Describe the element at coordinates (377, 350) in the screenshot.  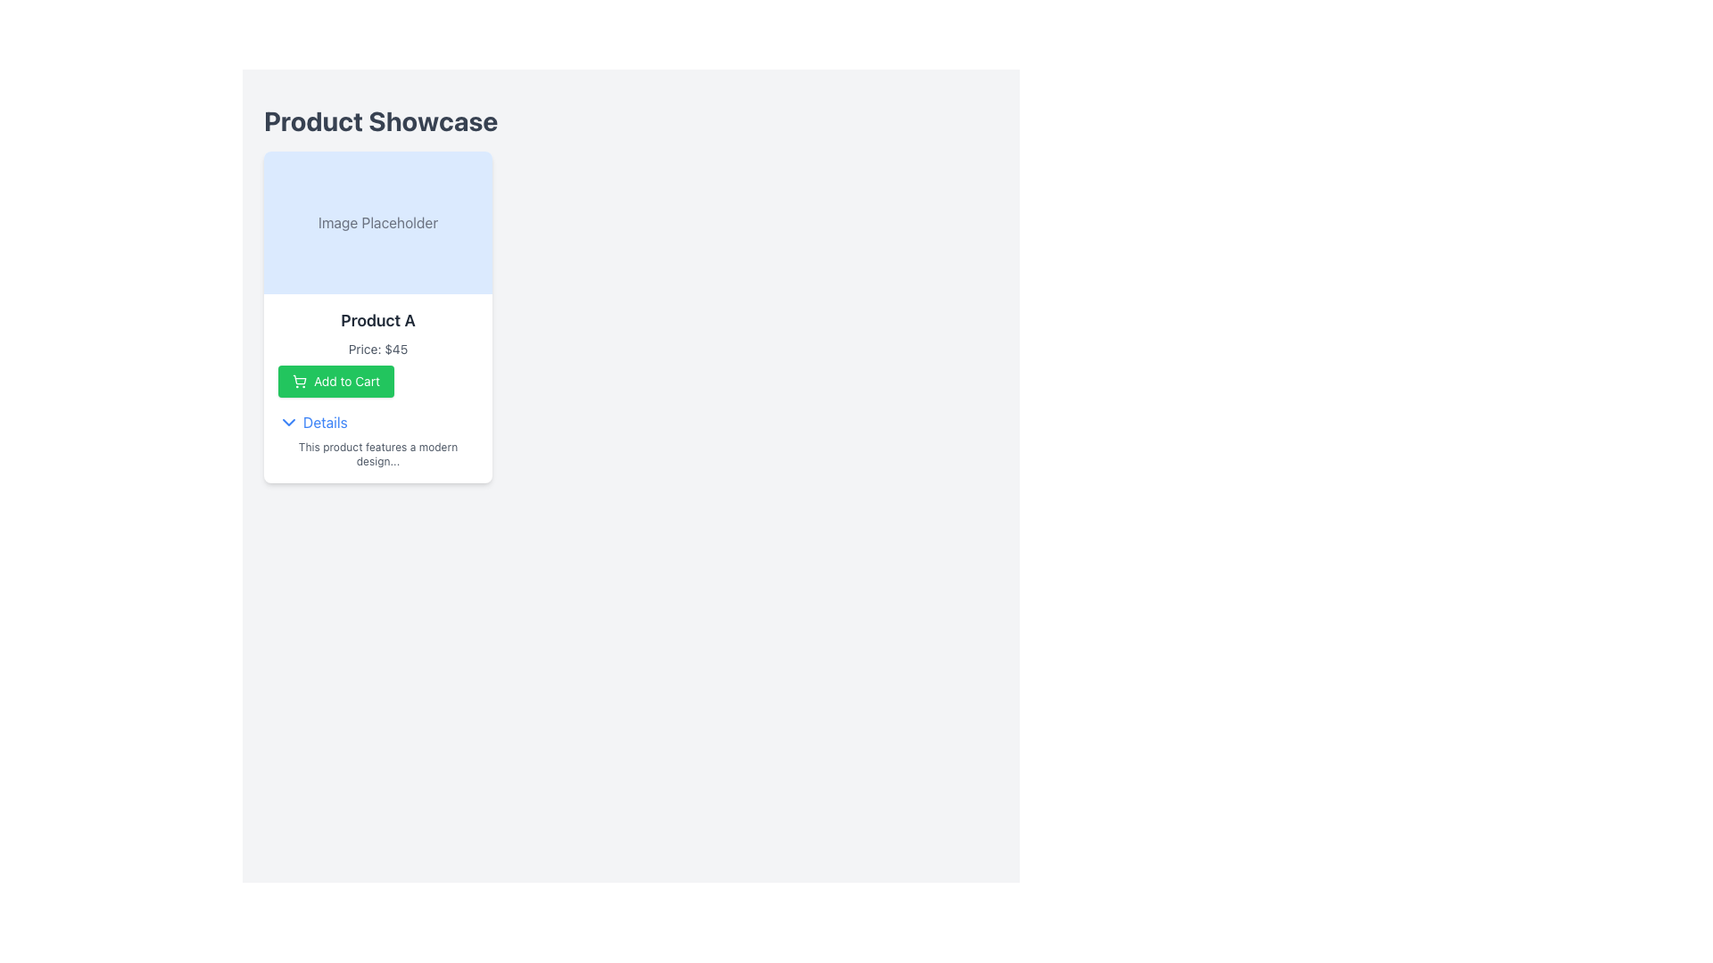
I see `the pricing information text label displayed below 'Product A' and above the 'Add to Cart' button` at that location.